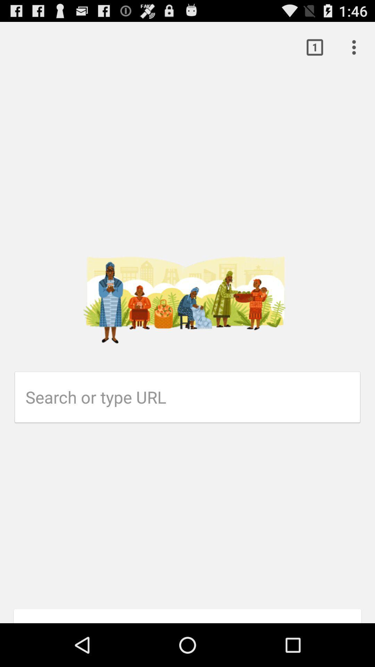 Image resolution: width=375 pixels, height=667 pixels. I want to click on search for url, so click(193, 397).